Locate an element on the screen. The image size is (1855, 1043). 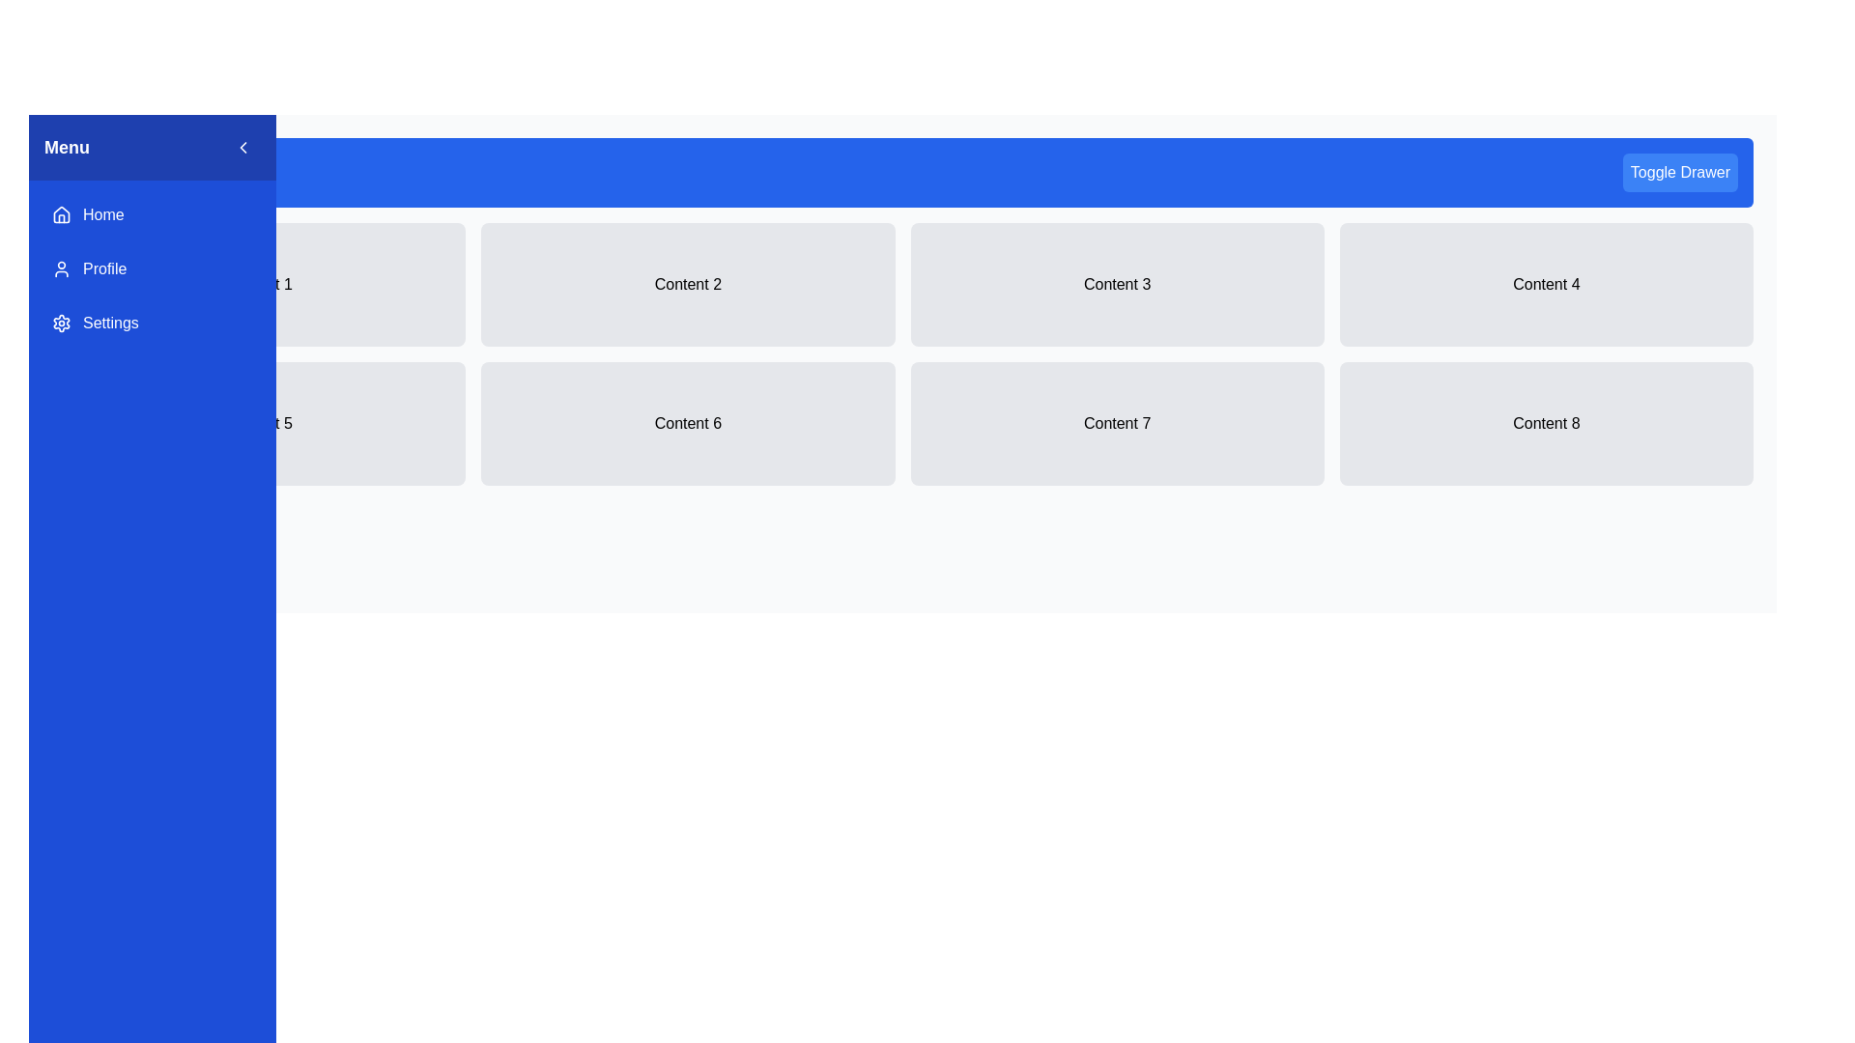
the settings icon located in the lower section of the navigation menu, positioned below the Profile option is located at coordinates (61, 323).